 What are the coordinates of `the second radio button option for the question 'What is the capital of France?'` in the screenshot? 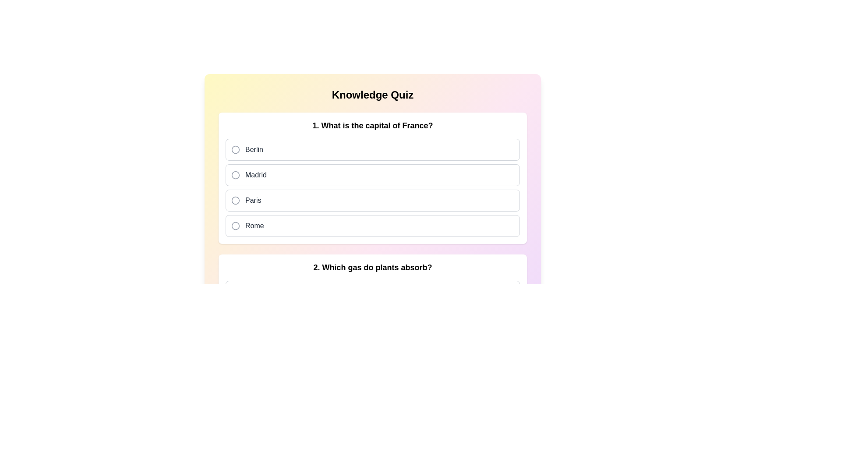 It's located at (372, 174).